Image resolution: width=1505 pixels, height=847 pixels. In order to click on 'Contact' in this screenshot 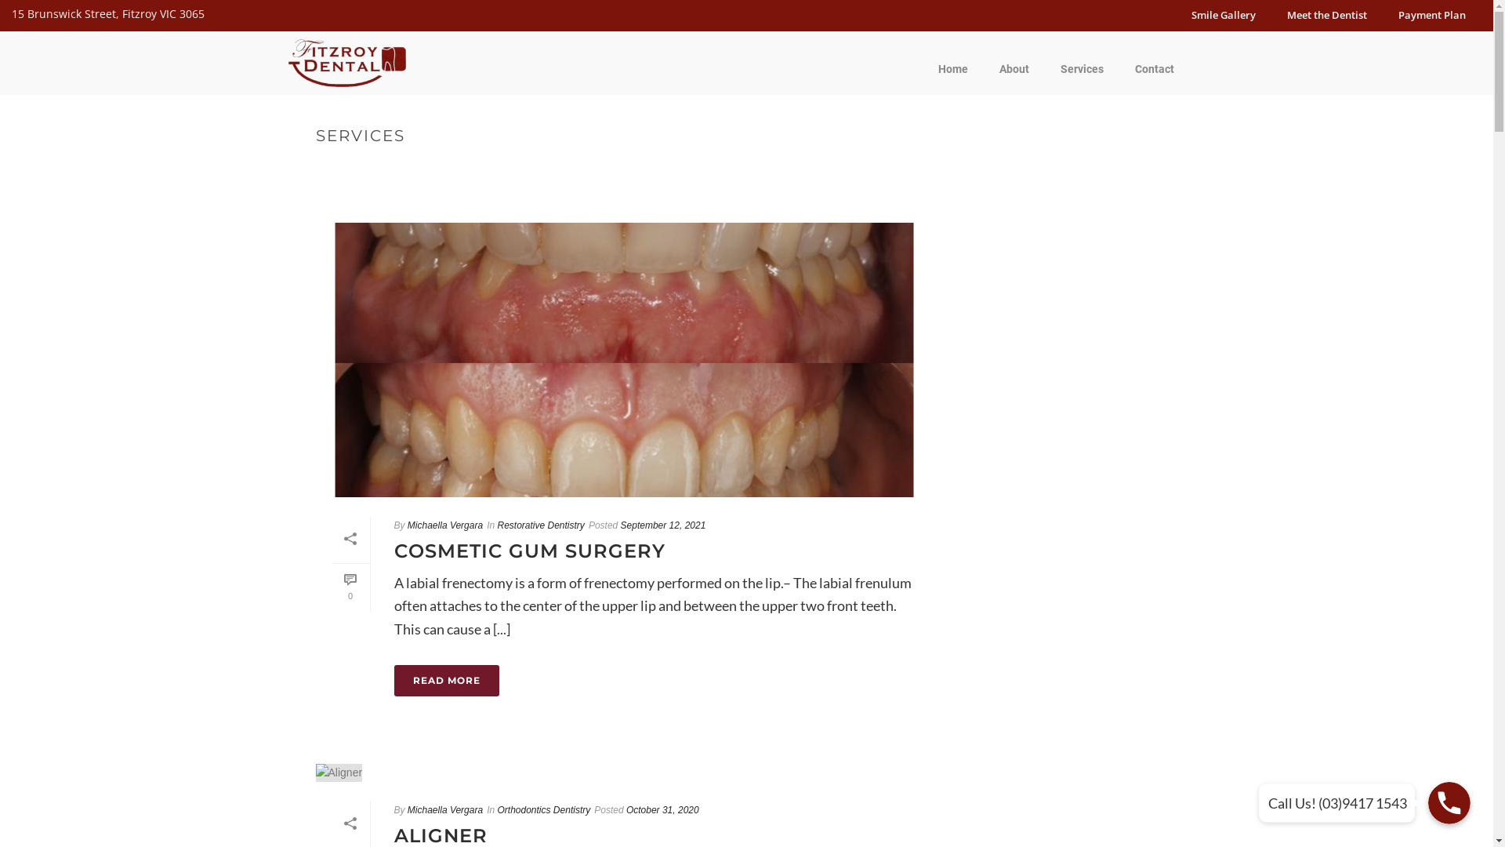, I will do `click(1155, 68)`.